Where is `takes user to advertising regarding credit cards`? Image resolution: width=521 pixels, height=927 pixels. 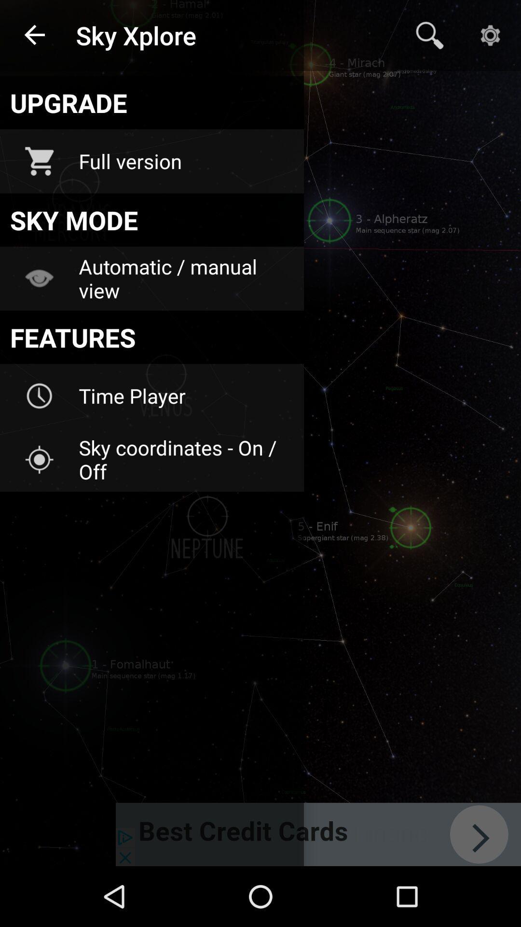 takes user to advertising regarding credit cards is located at coordinates (318, 834).